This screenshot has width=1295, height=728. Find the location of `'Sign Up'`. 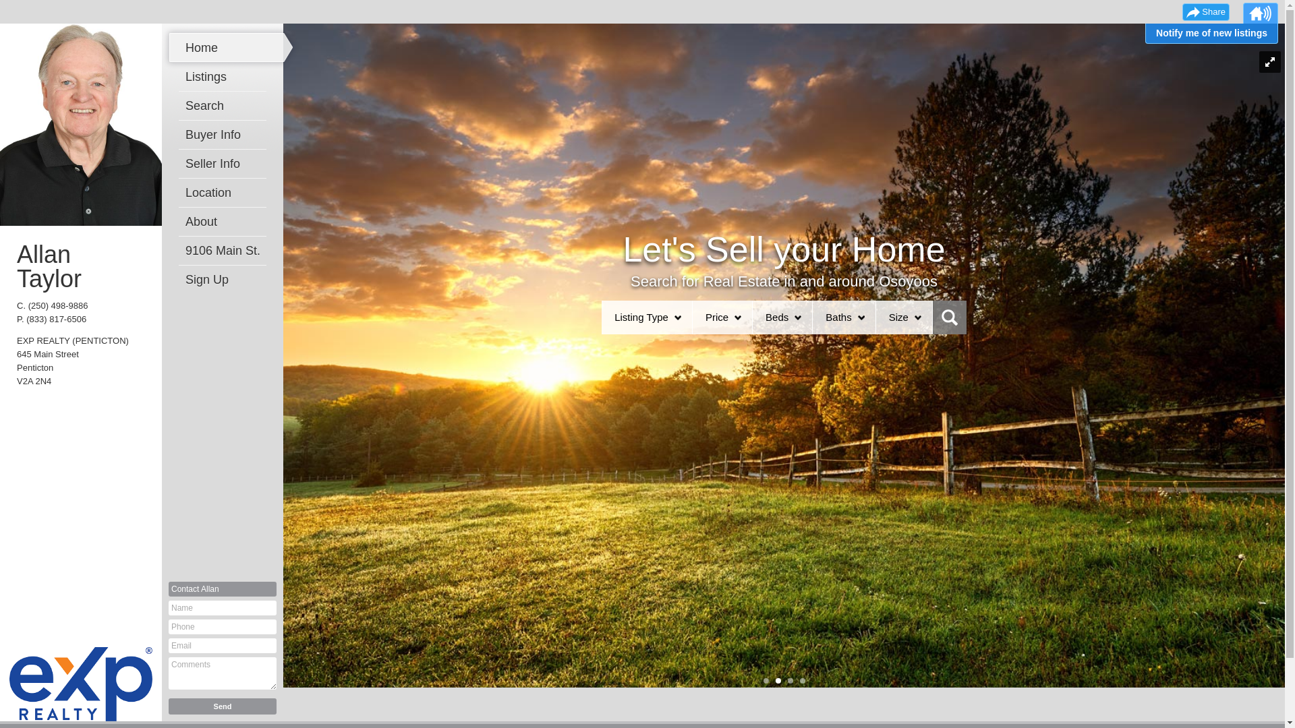

'Sign Up' is located at coordinates (226, 279).